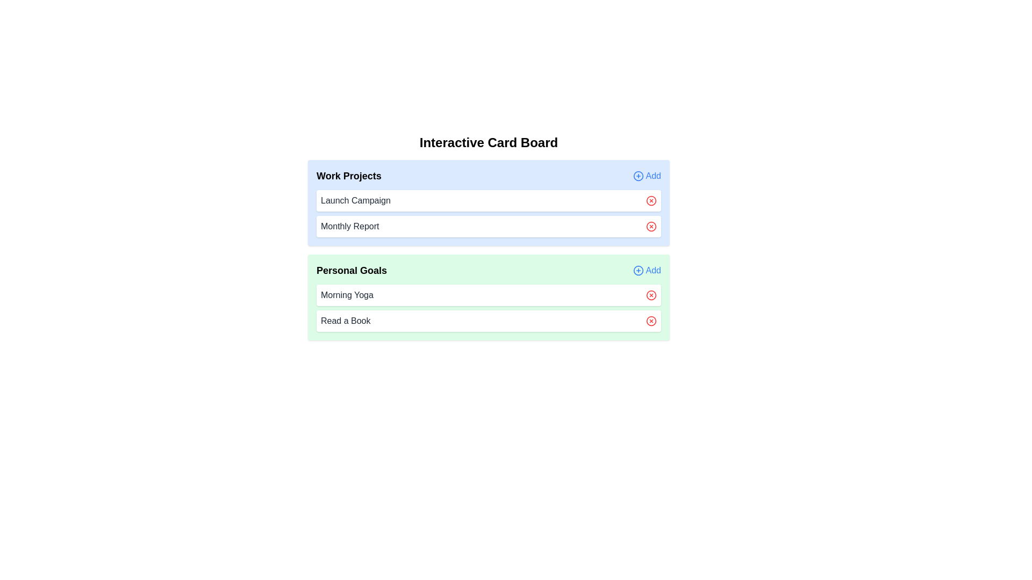  What do you see at coordinates (650, 320) in the screenshot?
I see `the red 'X' button next to the task 'Read a Book' in the category 'Personal Goals'` at bounding box center [650, 320].